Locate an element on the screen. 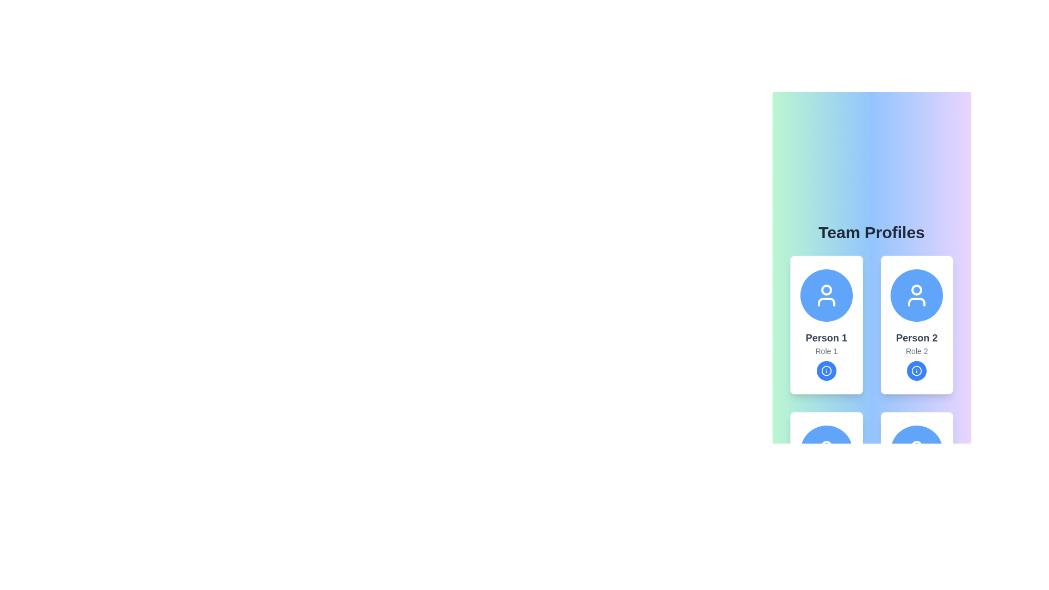 This screenshot has height=590, width=1049. role information displayed in the text label 'Role 1' which is styled with small, gray text located below the name label 'Person 1' in the profile card is located at coordinates (826, 351).